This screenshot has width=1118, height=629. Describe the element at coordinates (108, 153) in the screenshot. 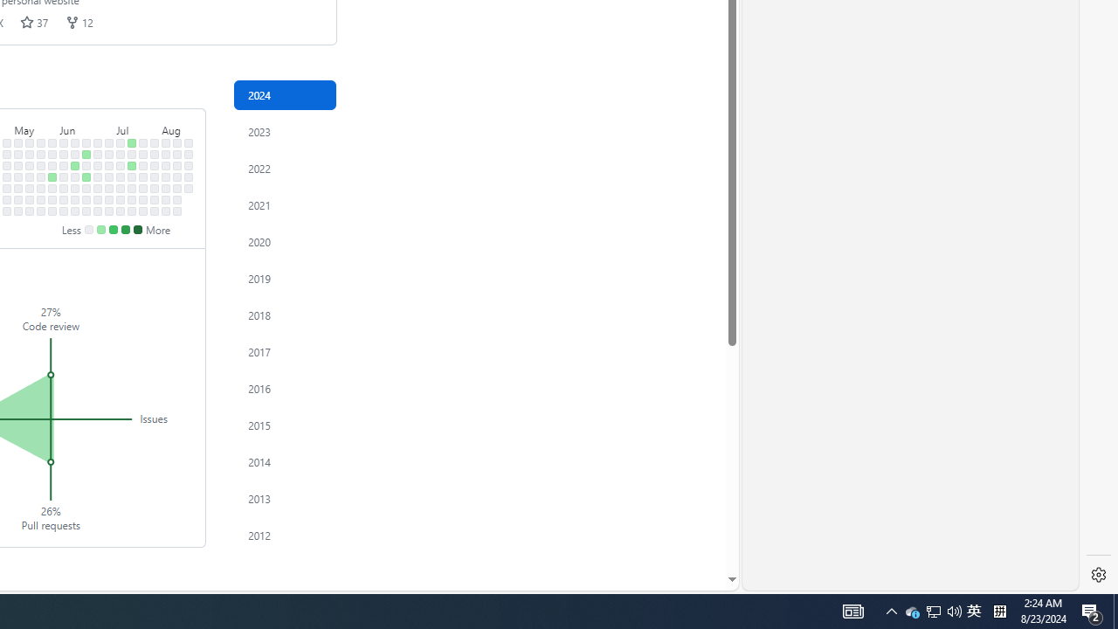

I see `'No contributions on July 1st.'` at that location.